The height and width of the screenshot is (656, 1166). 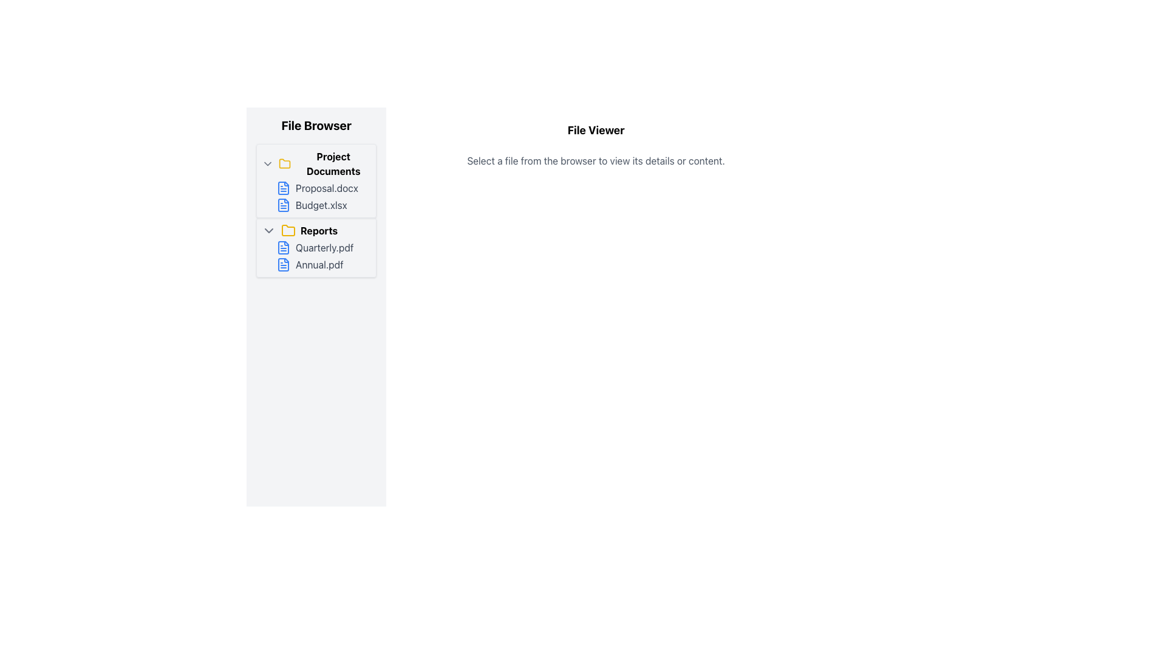 I want to click on the file entry labeled 'Quarterly.pdf' with a blue document icon, so click(x=324, y=247).